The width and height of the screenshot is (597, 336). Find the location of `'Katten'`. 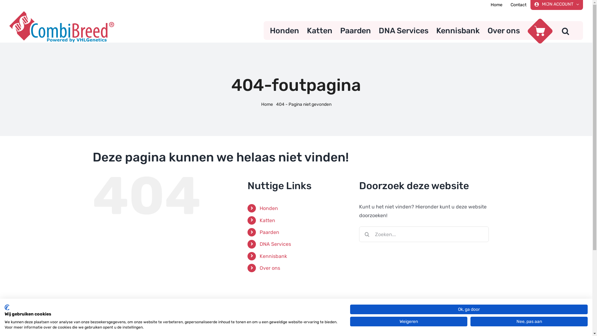

'Katten' is located at coordinates (267, 220).